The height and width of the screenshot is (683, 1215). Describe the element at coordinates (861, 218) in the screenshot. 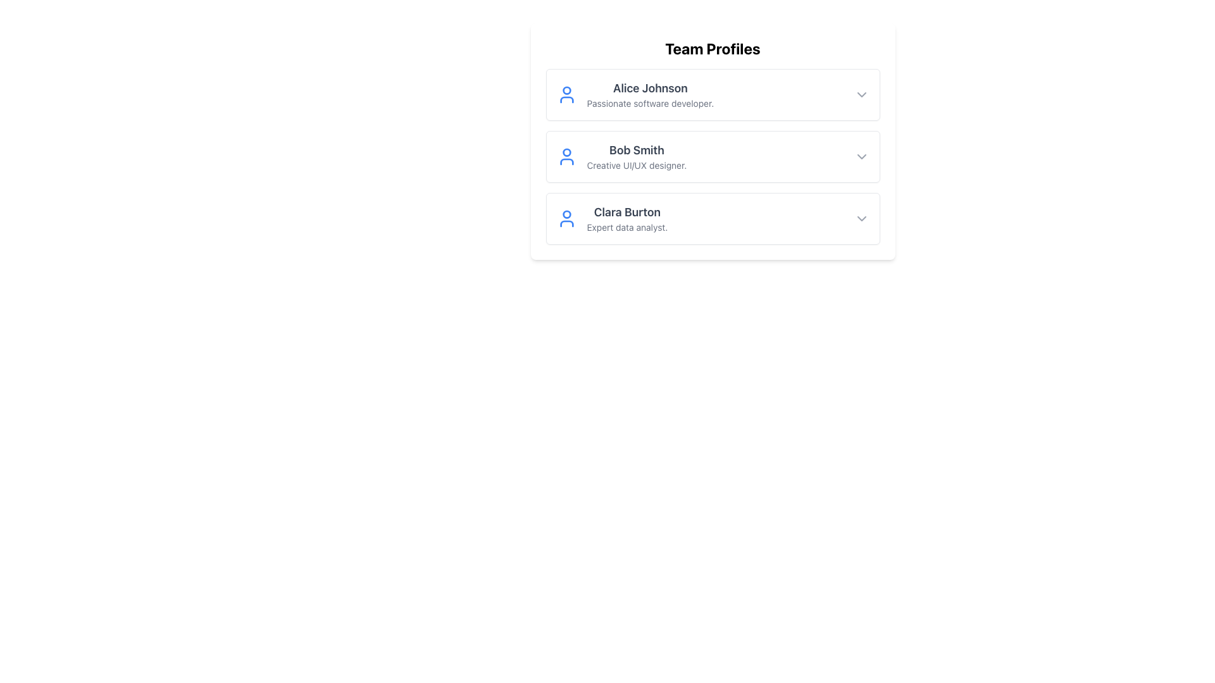

I see `the toggle icon button at the far-right end of the third row` at that location.